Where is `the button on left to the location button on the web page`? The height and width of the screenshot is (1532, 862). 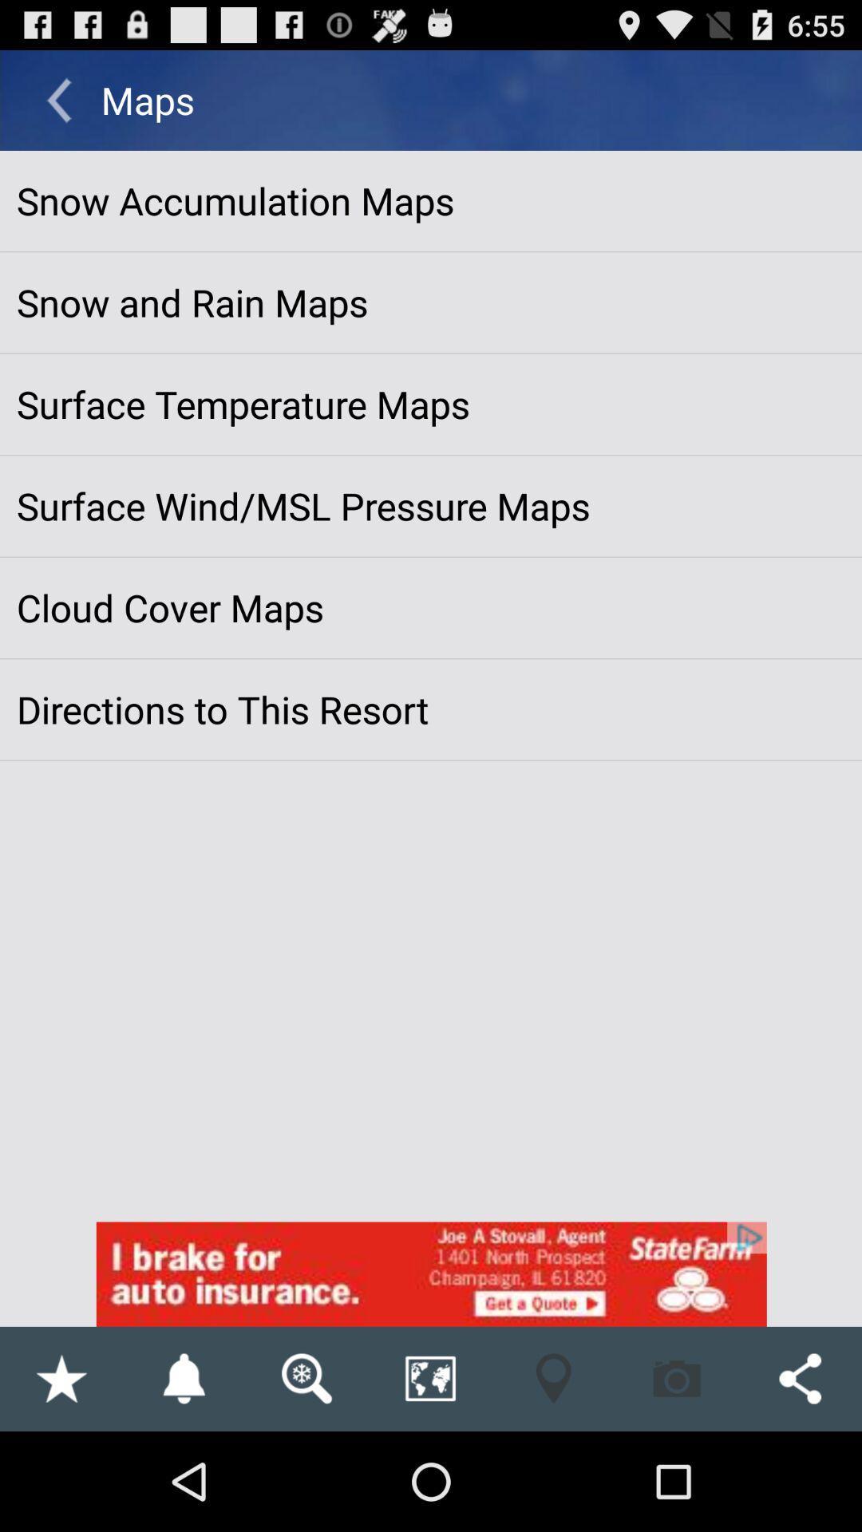 the button on left to the location button on the web page is located at coordinates (429, 1378).